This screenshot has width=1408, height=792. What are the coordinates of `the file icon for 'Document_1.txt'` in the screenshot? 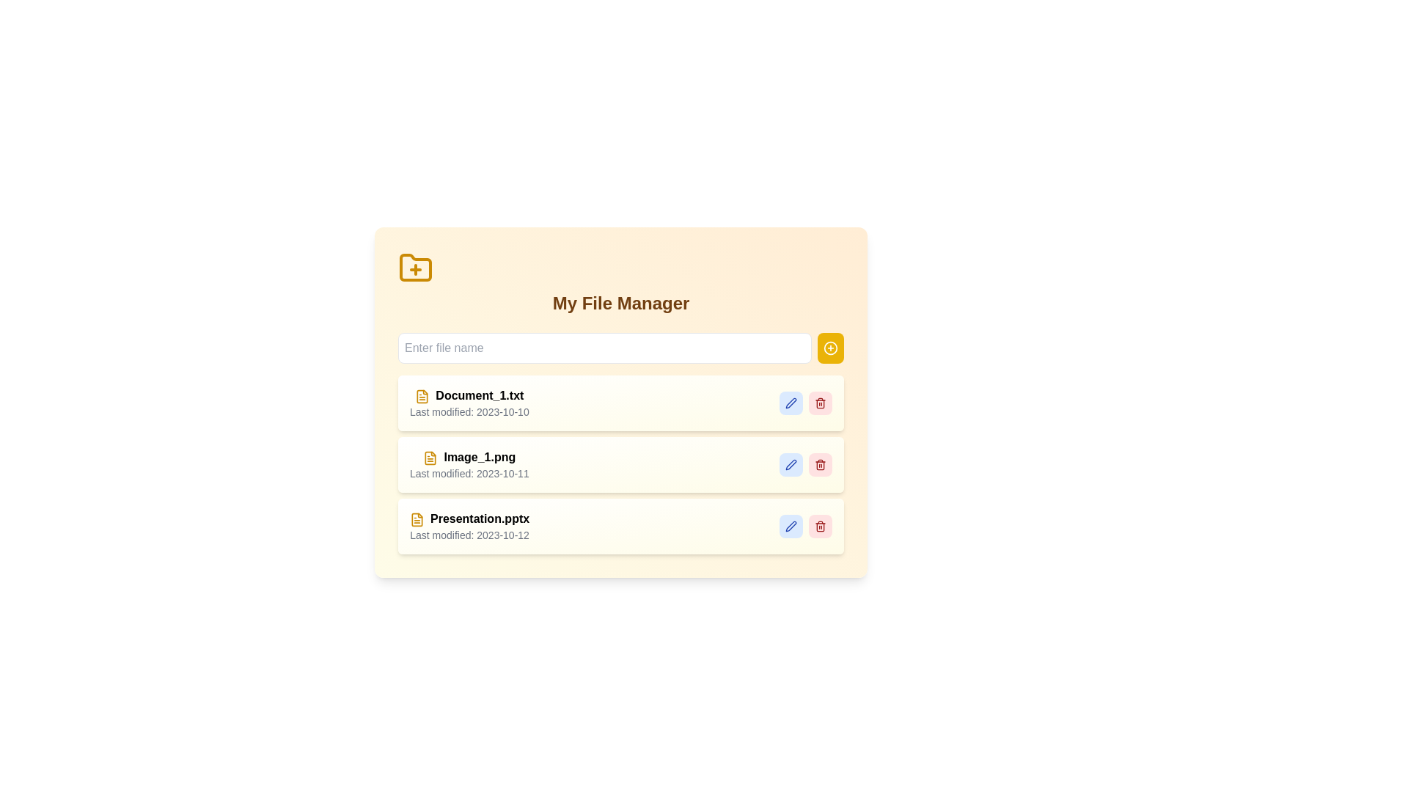 It's located at (430, 457).